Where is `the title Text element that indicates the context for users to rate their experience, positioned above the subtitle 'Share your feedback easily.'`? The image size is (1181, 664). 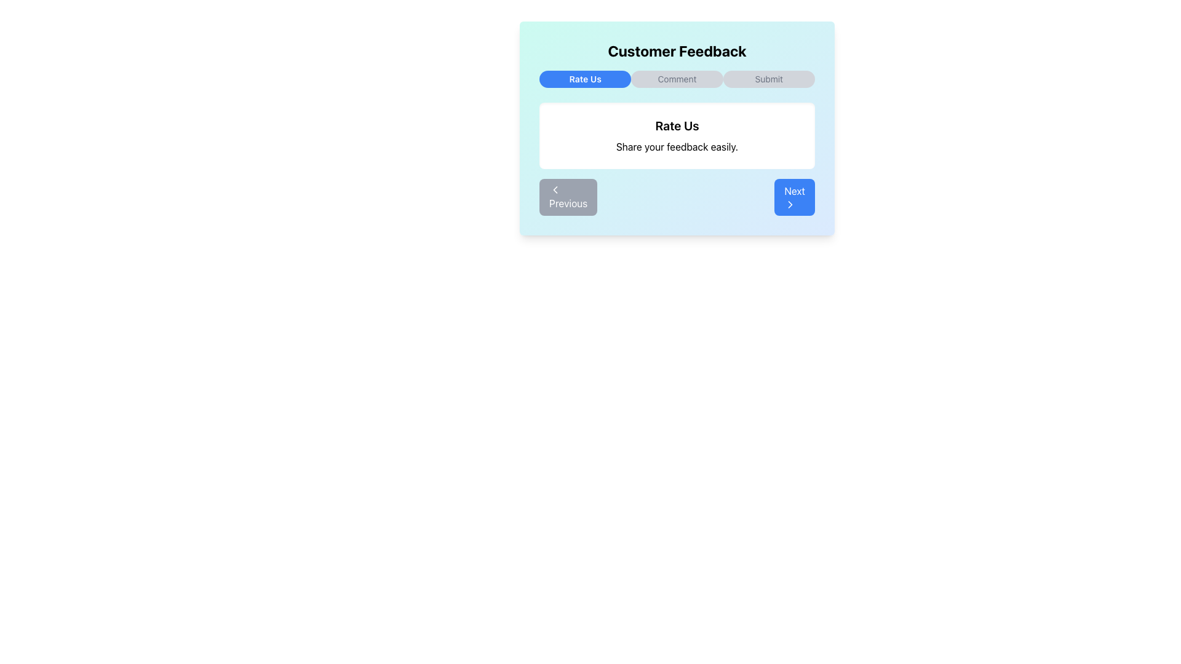 the title Text element that indicates the context for users to rate their experience, positioned above the subtitle 'Share your feedback easily.' is located at coordinates (676, 125).